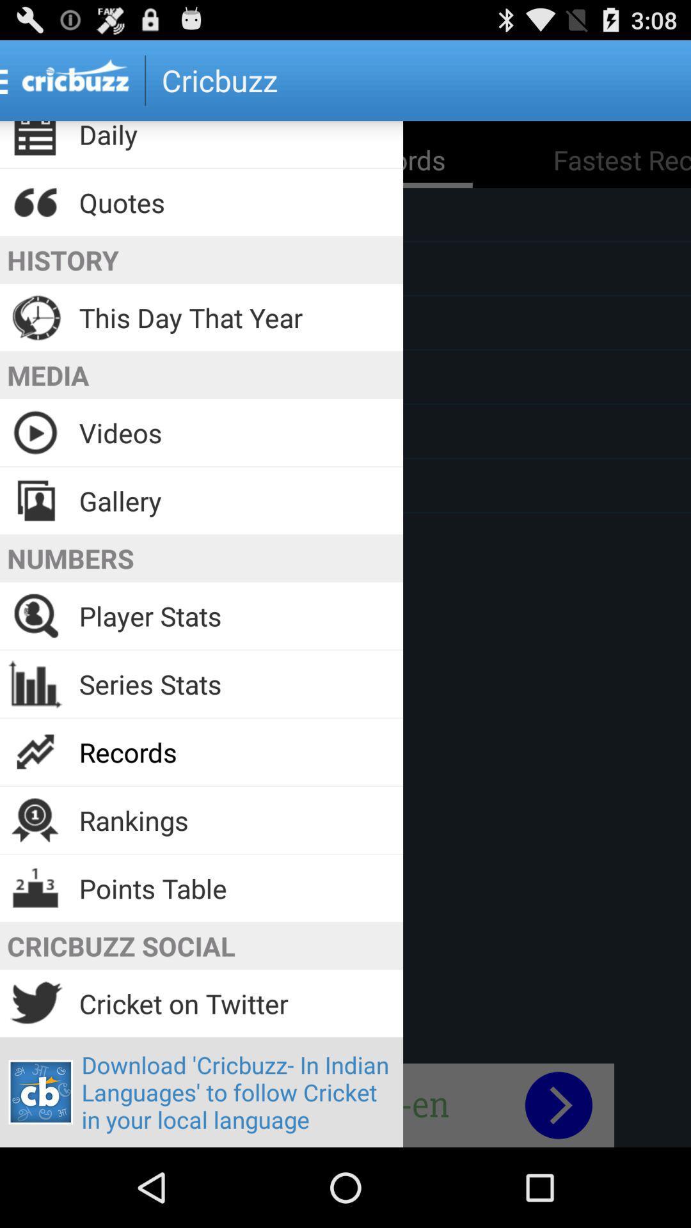 This screenshot has width=691, height=1228. Describe the element at coordinates (35, 141) in the screenshot. I see `the icon beside daily` at that location.